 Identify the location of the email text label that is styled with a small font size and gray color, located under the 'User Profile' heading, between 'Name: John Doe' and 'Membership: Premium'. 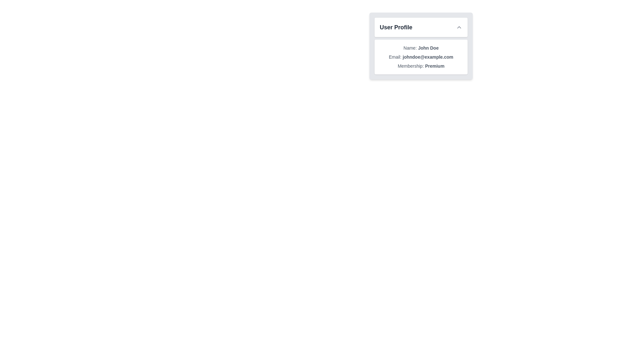
(421, 57).